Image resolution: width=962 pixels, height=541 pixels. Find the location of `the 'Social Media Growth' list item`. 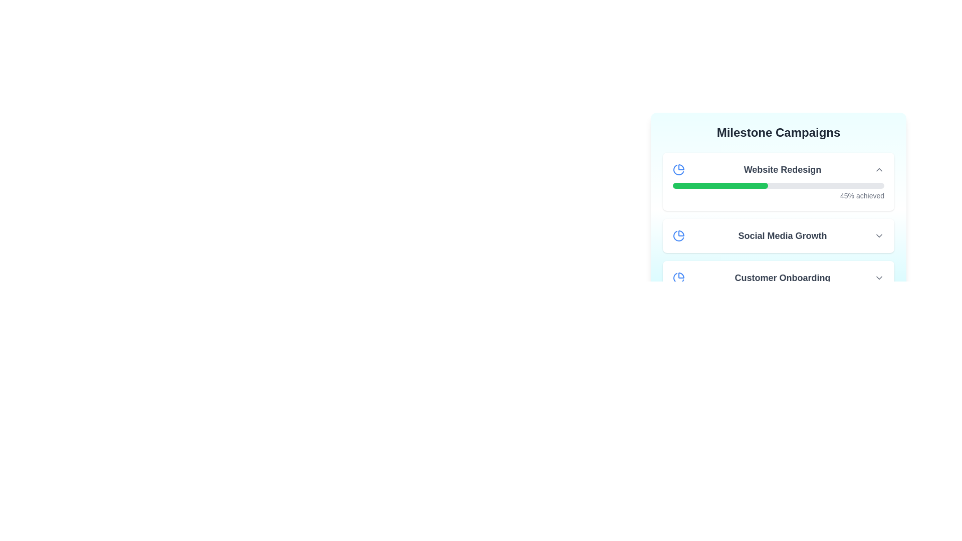

the 'Social Media Growth' list item is located at coordinates (778, 235).